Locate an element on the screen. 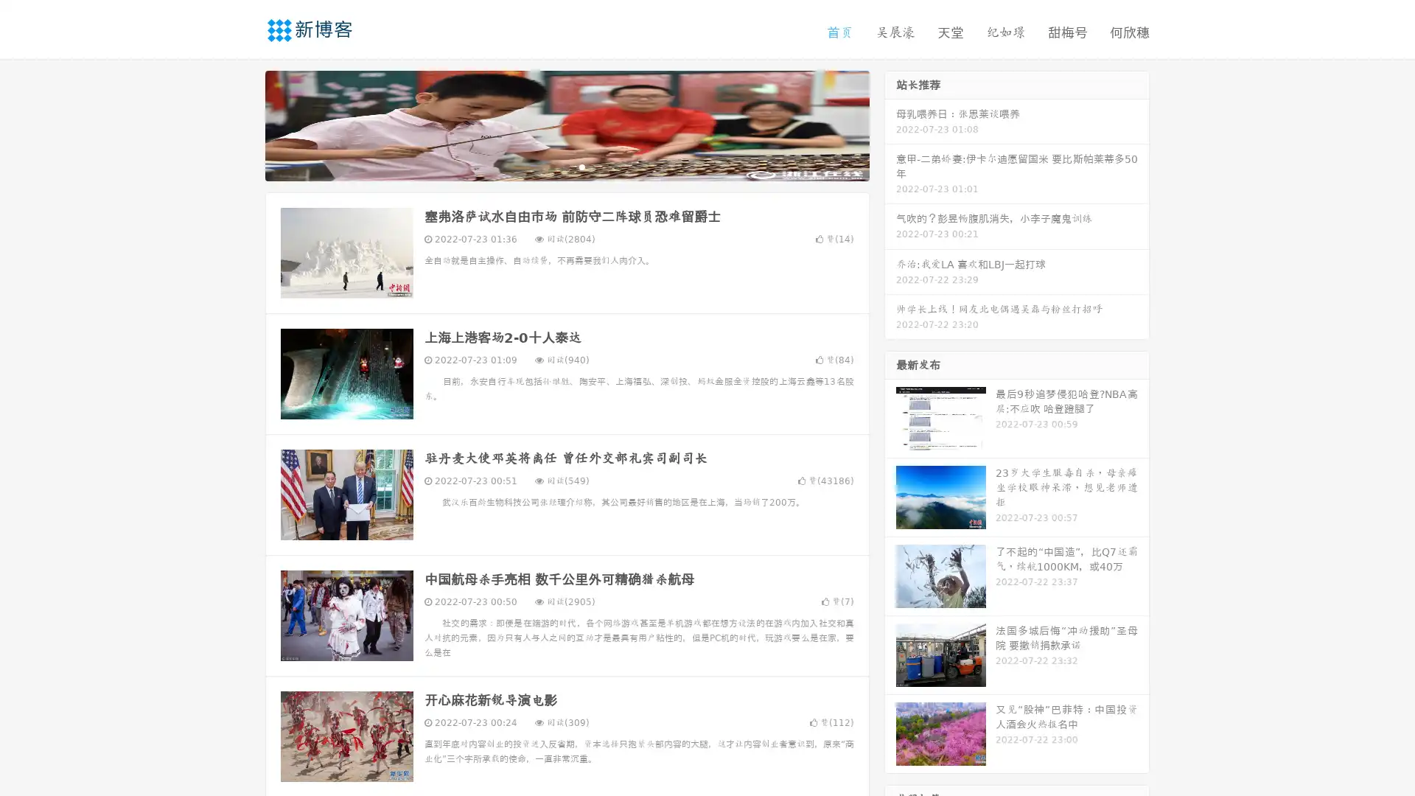 This screenshot has width=1415, height=796. Next slide is located at coordinates (890, 124).